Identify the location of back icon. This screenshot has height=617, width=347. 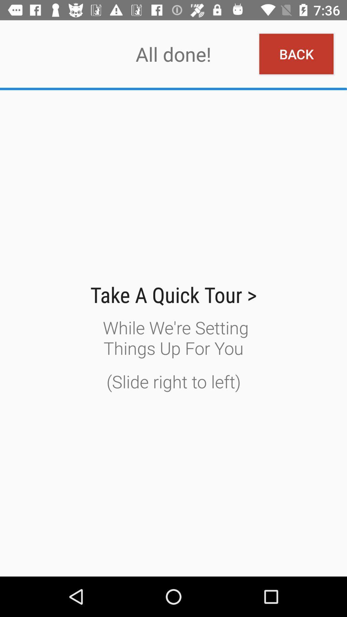
(296, 54).